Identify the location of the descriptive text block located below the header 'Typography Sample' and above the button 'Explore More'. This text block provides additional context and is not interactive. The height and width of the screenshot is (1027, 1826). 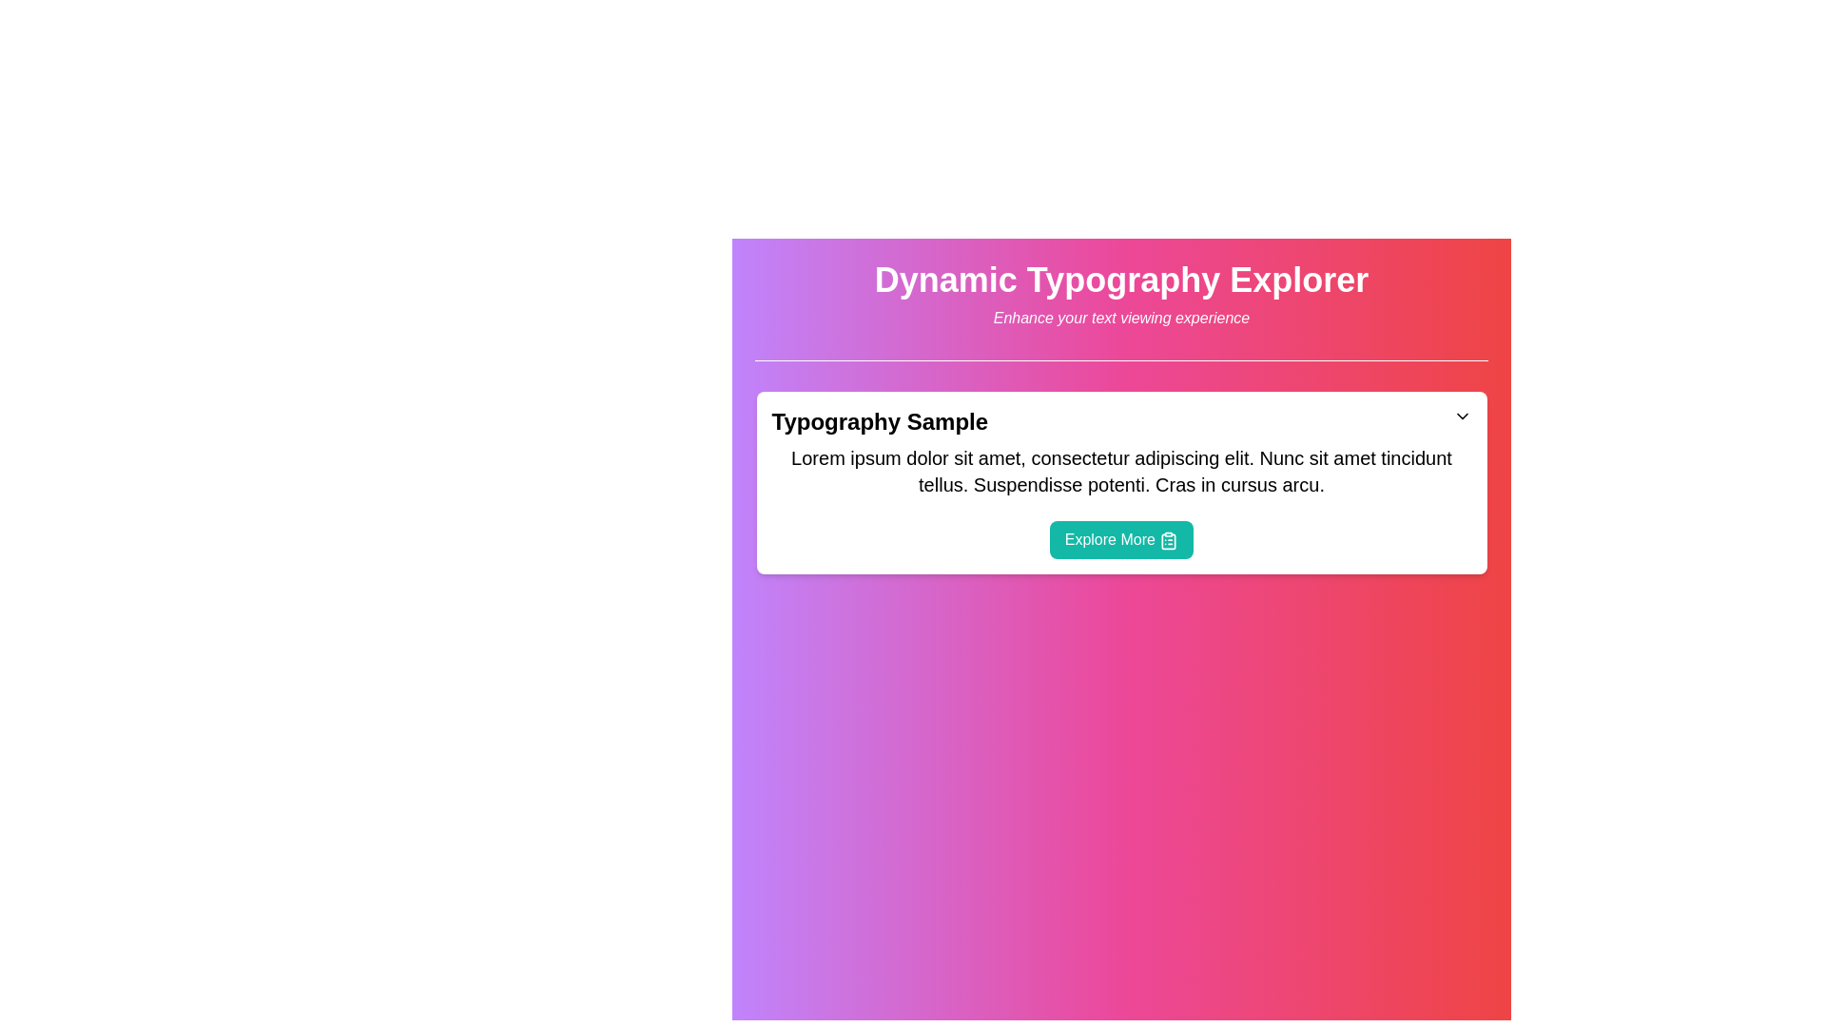
(1121, 475).